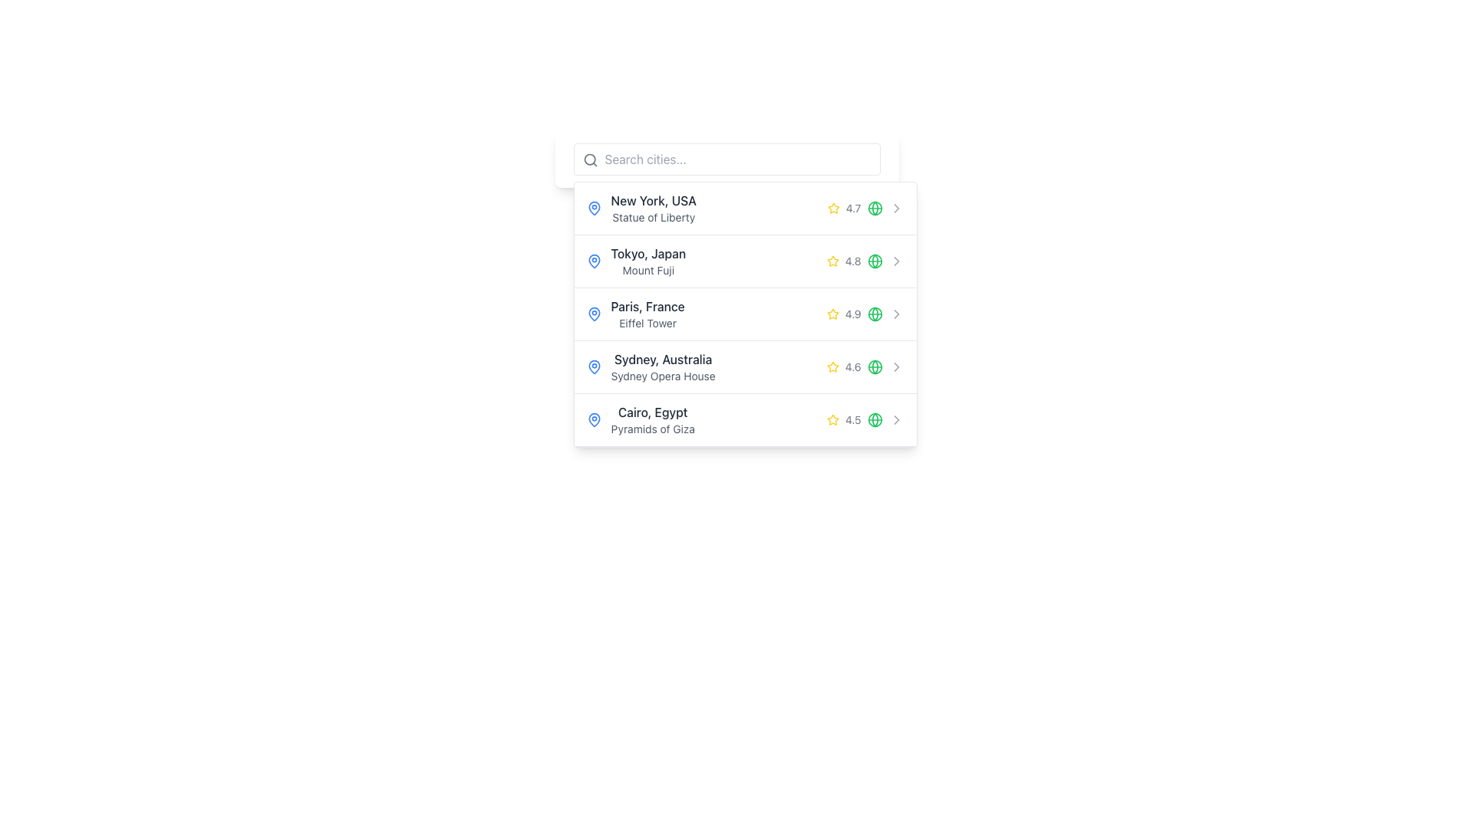 The width and height of the screenshot is (1473, 828). I want to click on the fourth list item displaying 'Sydney, Australia', so click(745, 367).